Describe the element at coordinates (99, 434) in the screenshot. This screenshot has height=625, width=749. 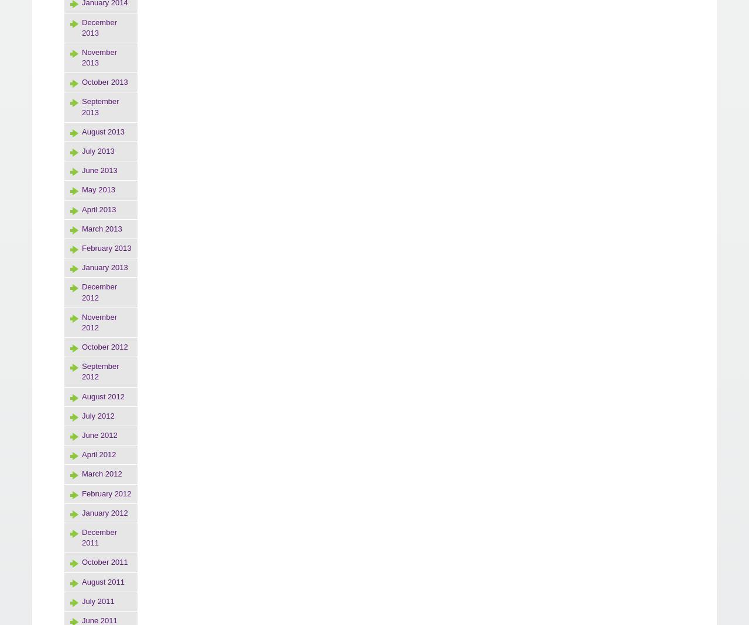
I see `'June 2012'` at that location.